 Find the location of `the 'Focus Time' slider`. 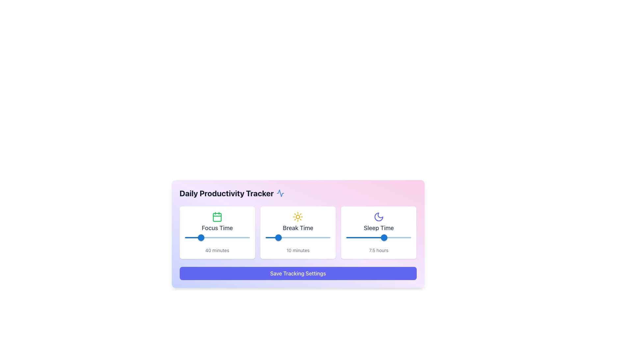

the 'Focus Time' slider is located at coordinates (196, 237).